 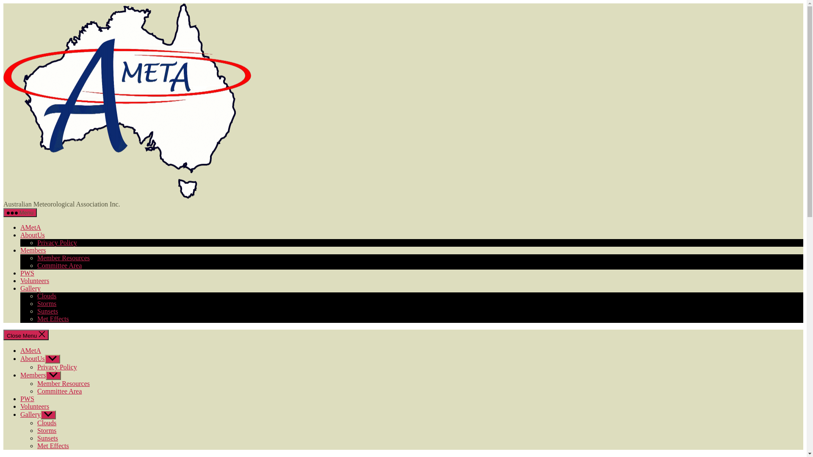 What do you see at coordinates (20, 399) in the screenshot?
I see `'PWS'` at bounding box center [20, 399].